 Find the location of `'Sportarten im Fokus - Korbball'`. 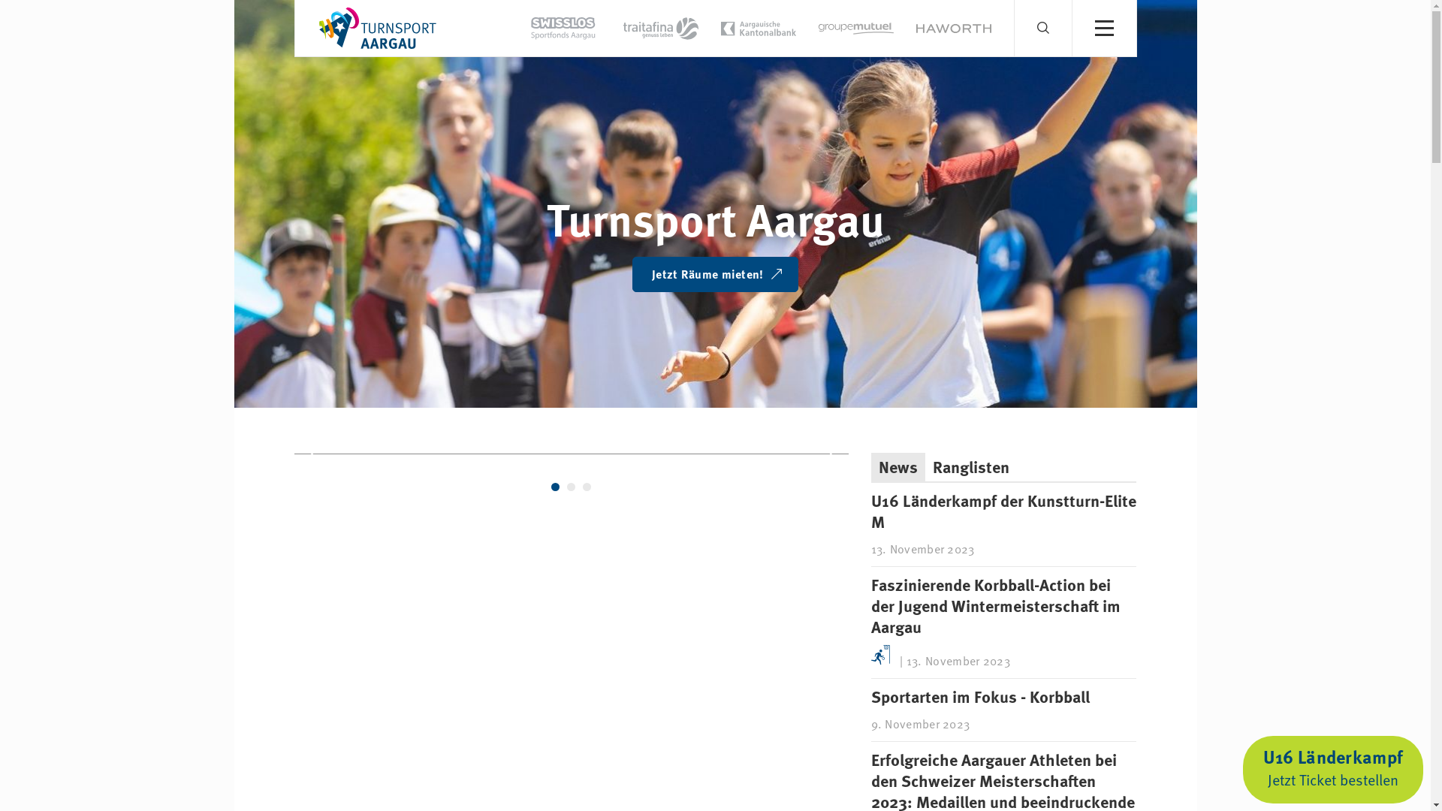

'Sportarten im Fokus - Korbball' is located at coordinates (980, 696).